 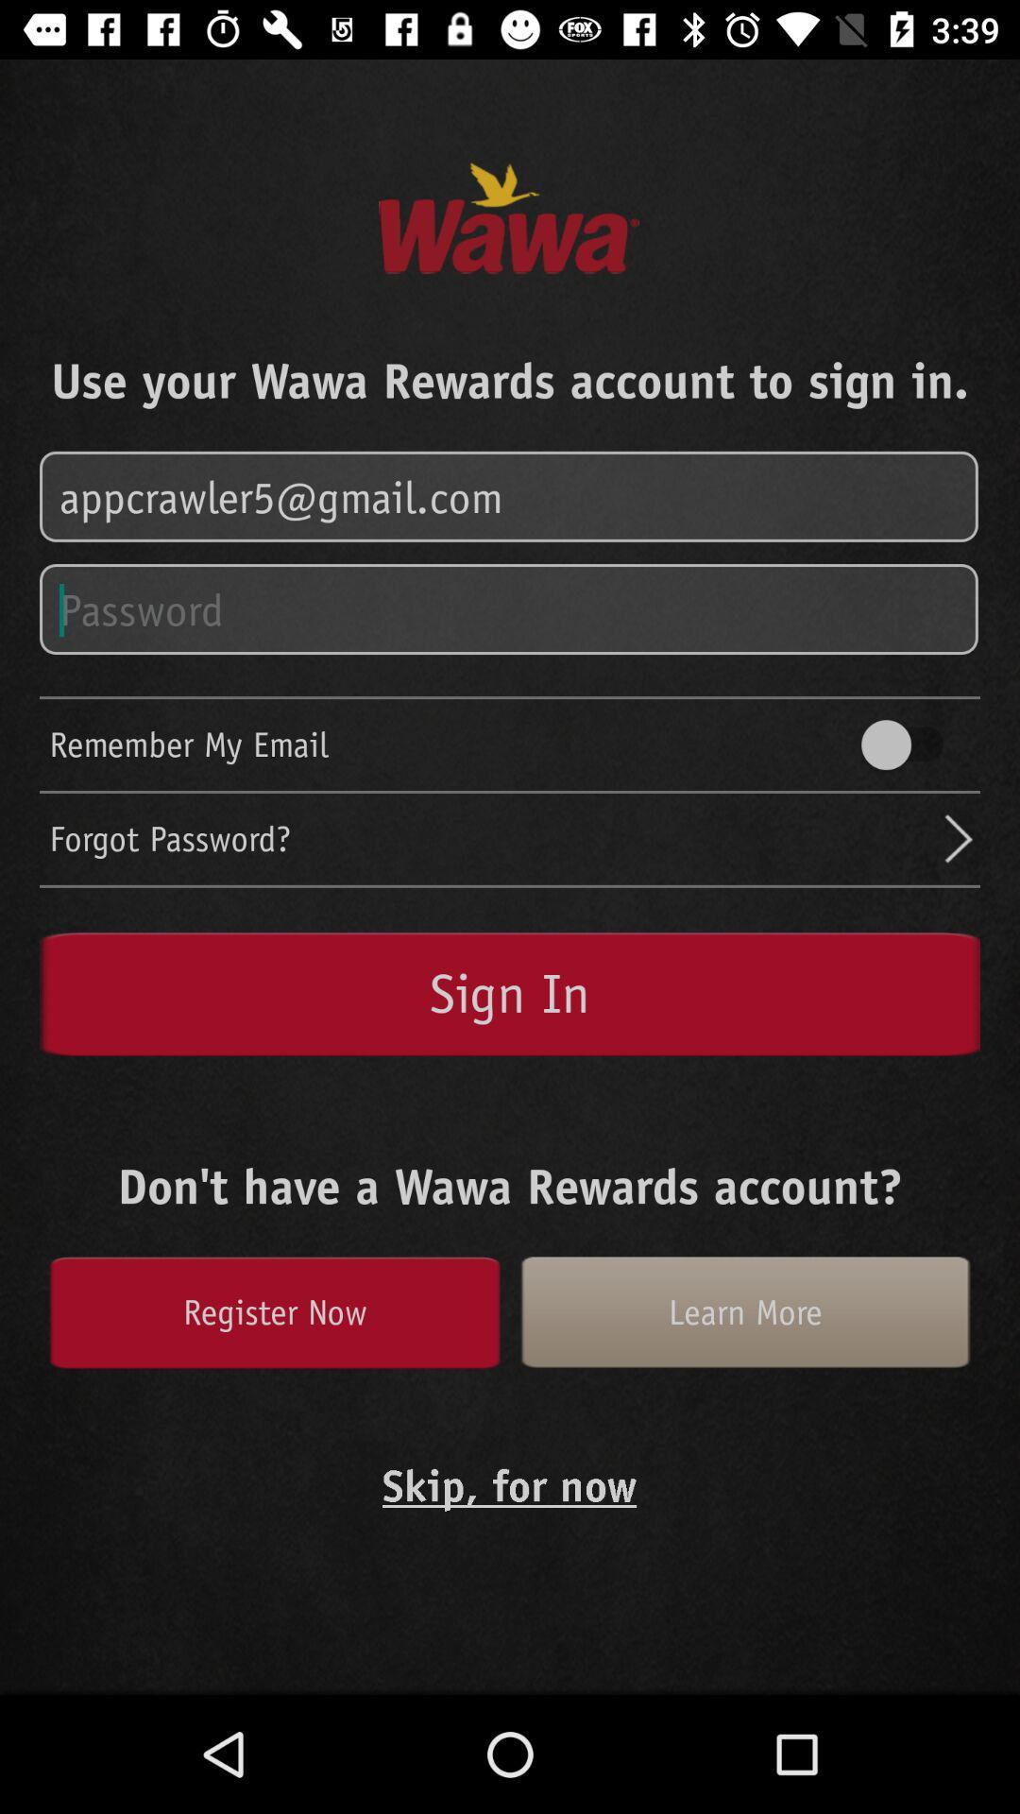 I want to click on appcrawler5@gmail.com, so click(x=510, y=497).